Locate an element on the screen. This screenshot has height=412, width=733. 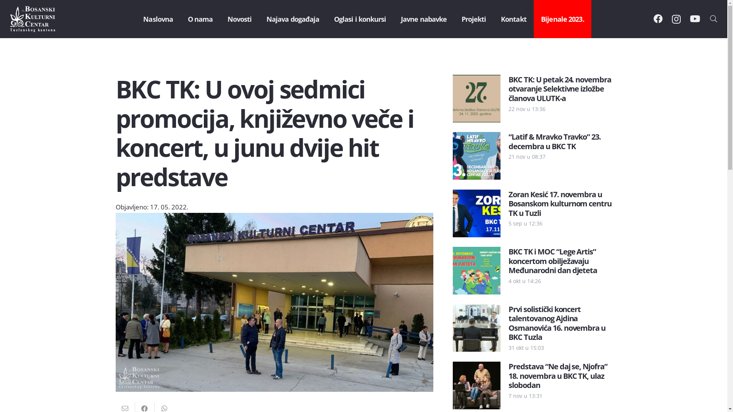
'Naslovna' is located at coordinates (157, 19).